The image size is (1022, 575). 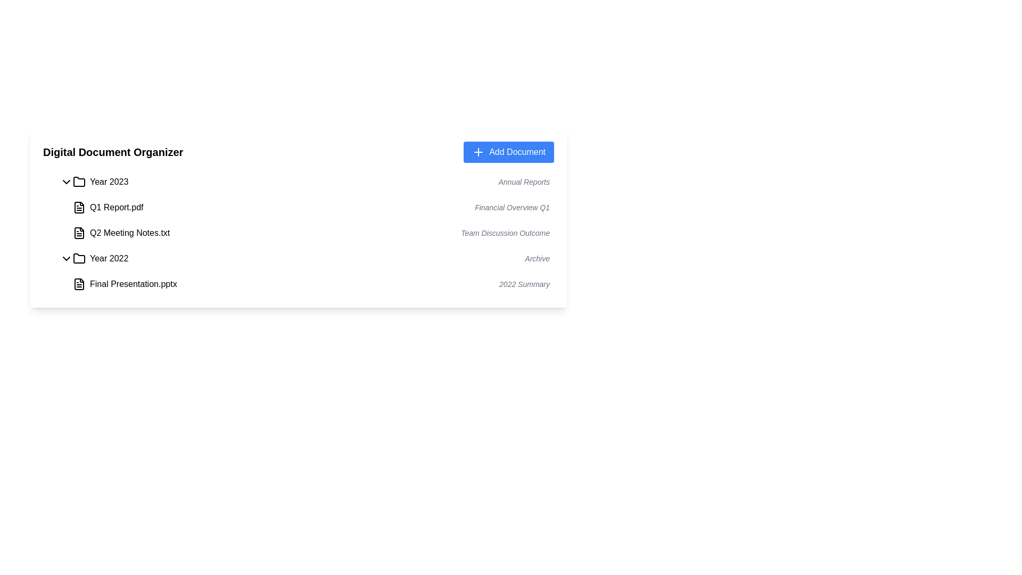 I want to click on the document file icon representing 'Q1 Report.pdf' to interpret it as a document identifier, so click(x=78, y=207).